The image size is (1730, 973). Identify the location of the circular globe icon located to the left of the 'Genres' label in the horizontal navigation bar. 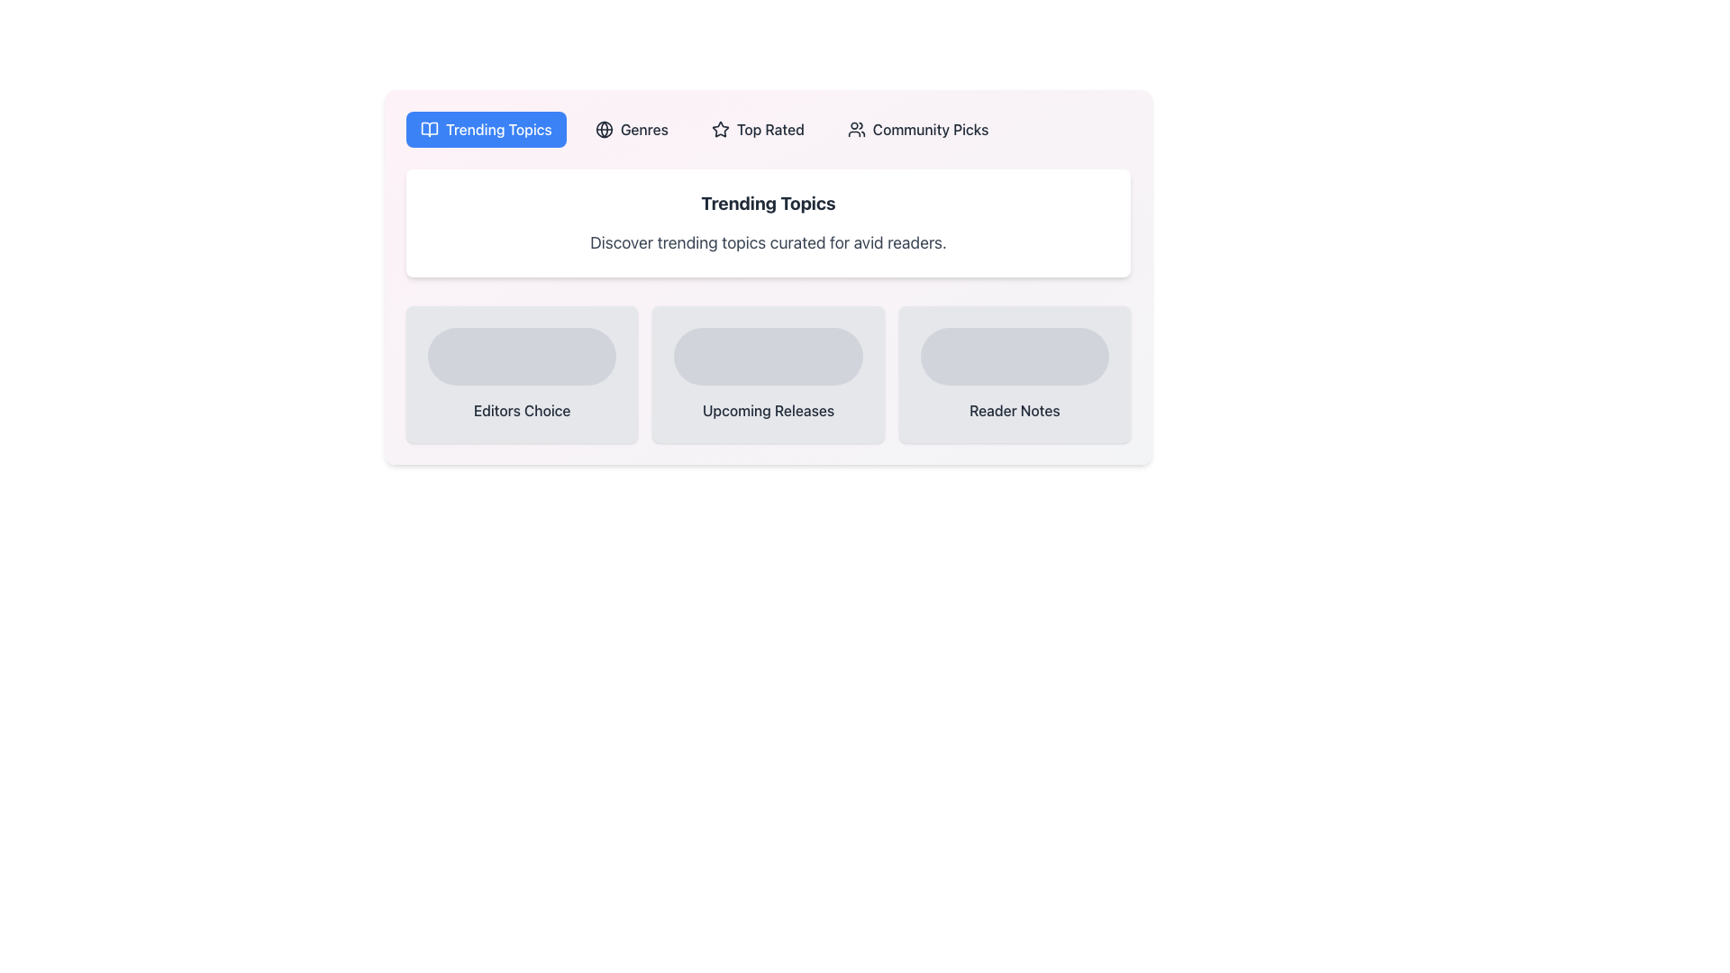
(604, 128).